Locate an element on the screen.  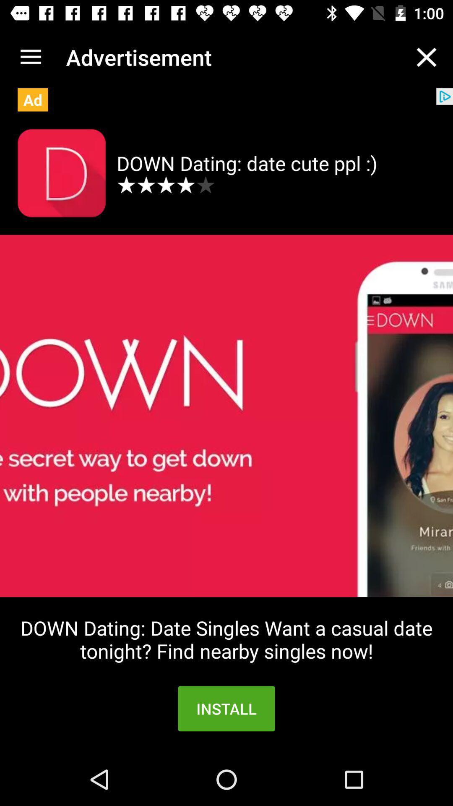
app to the left of advertisement is located at coordinates (30, 57).